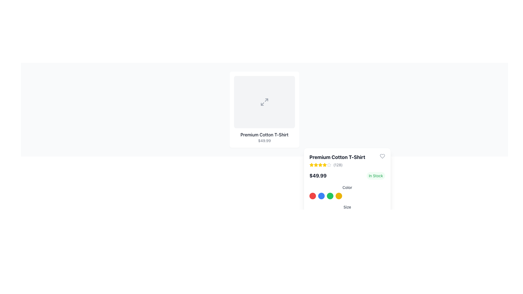 The width and height of the screenshot is (523, 294). What do you see at coordinates (337, 164) in the screenshot?
I see `the Text Display element that shows the total count of reviews or ratings for the 'Premium Cotton T-Shirt' product, located to the right of the star rating icons` at bounding box center [337, 164].